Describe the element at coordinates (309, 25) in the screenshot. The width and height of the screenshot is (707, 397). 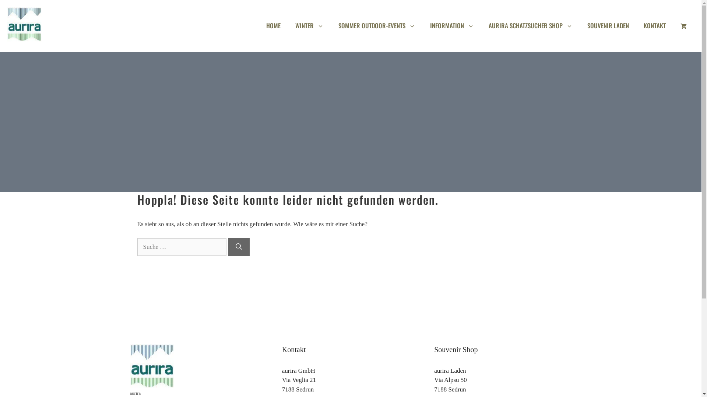
I see `'WINTER'` at that location.